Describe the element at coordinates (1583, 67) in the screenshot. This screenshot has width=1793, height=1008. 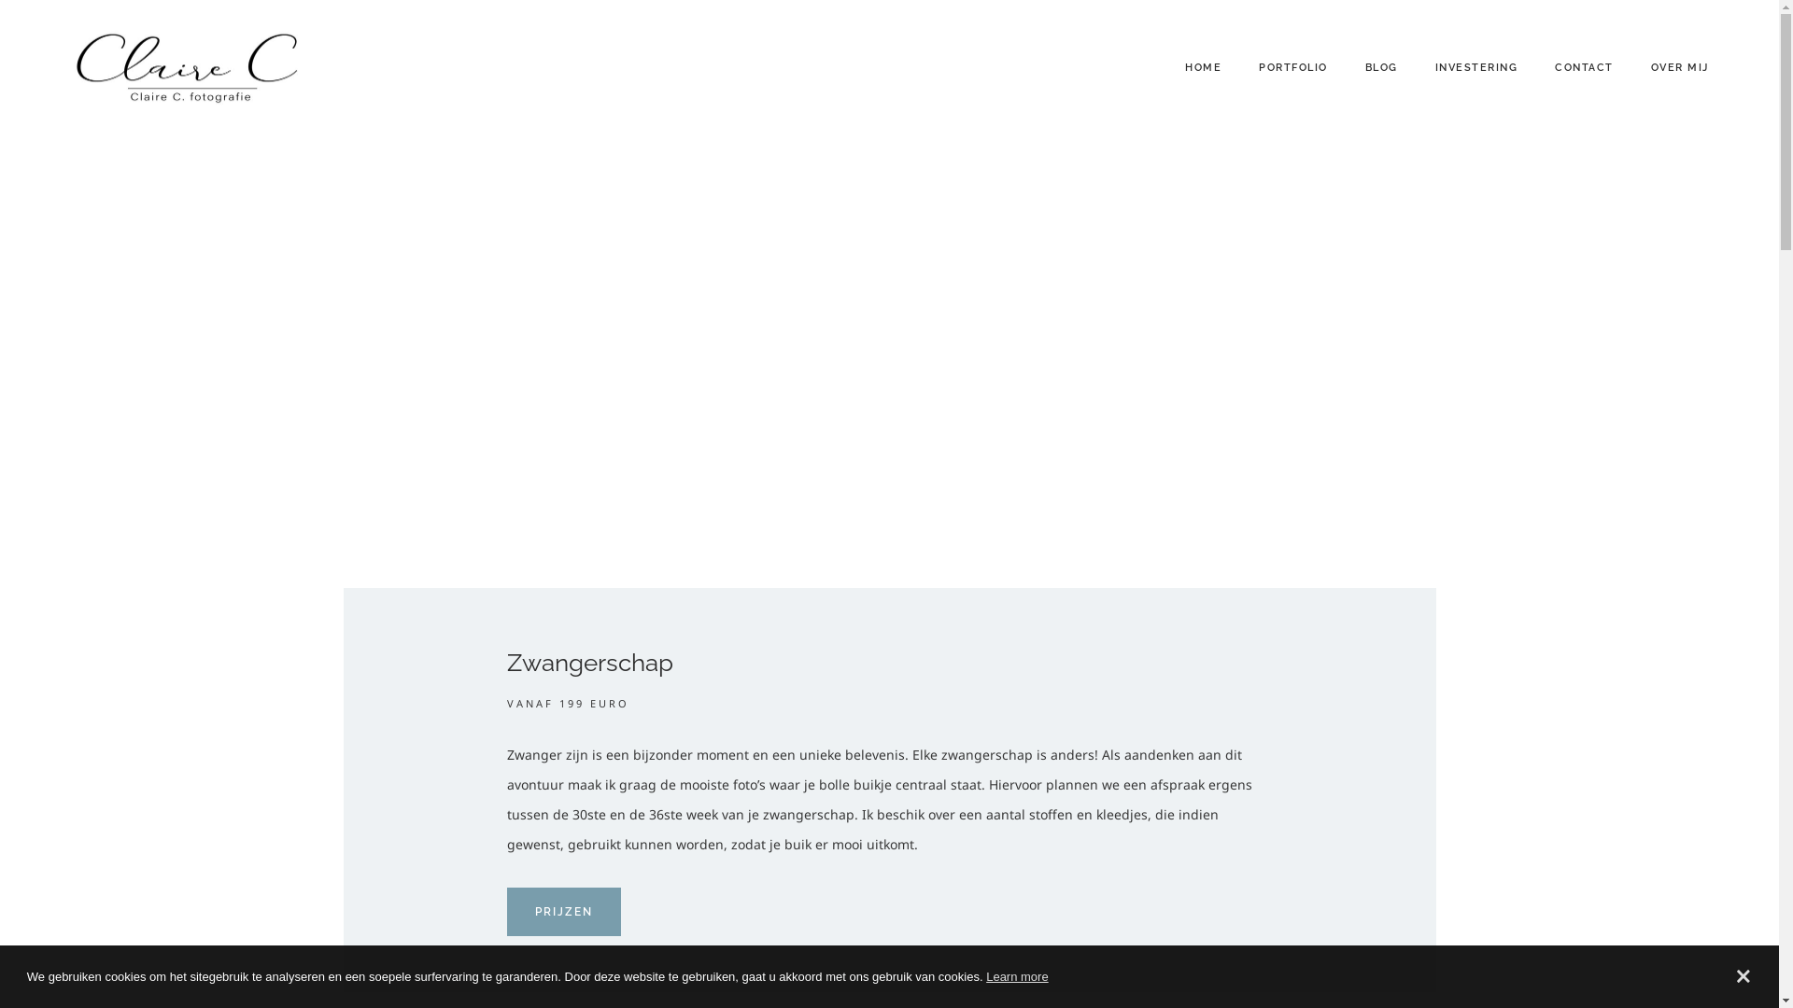
I see `'CONTACT'` at that location.